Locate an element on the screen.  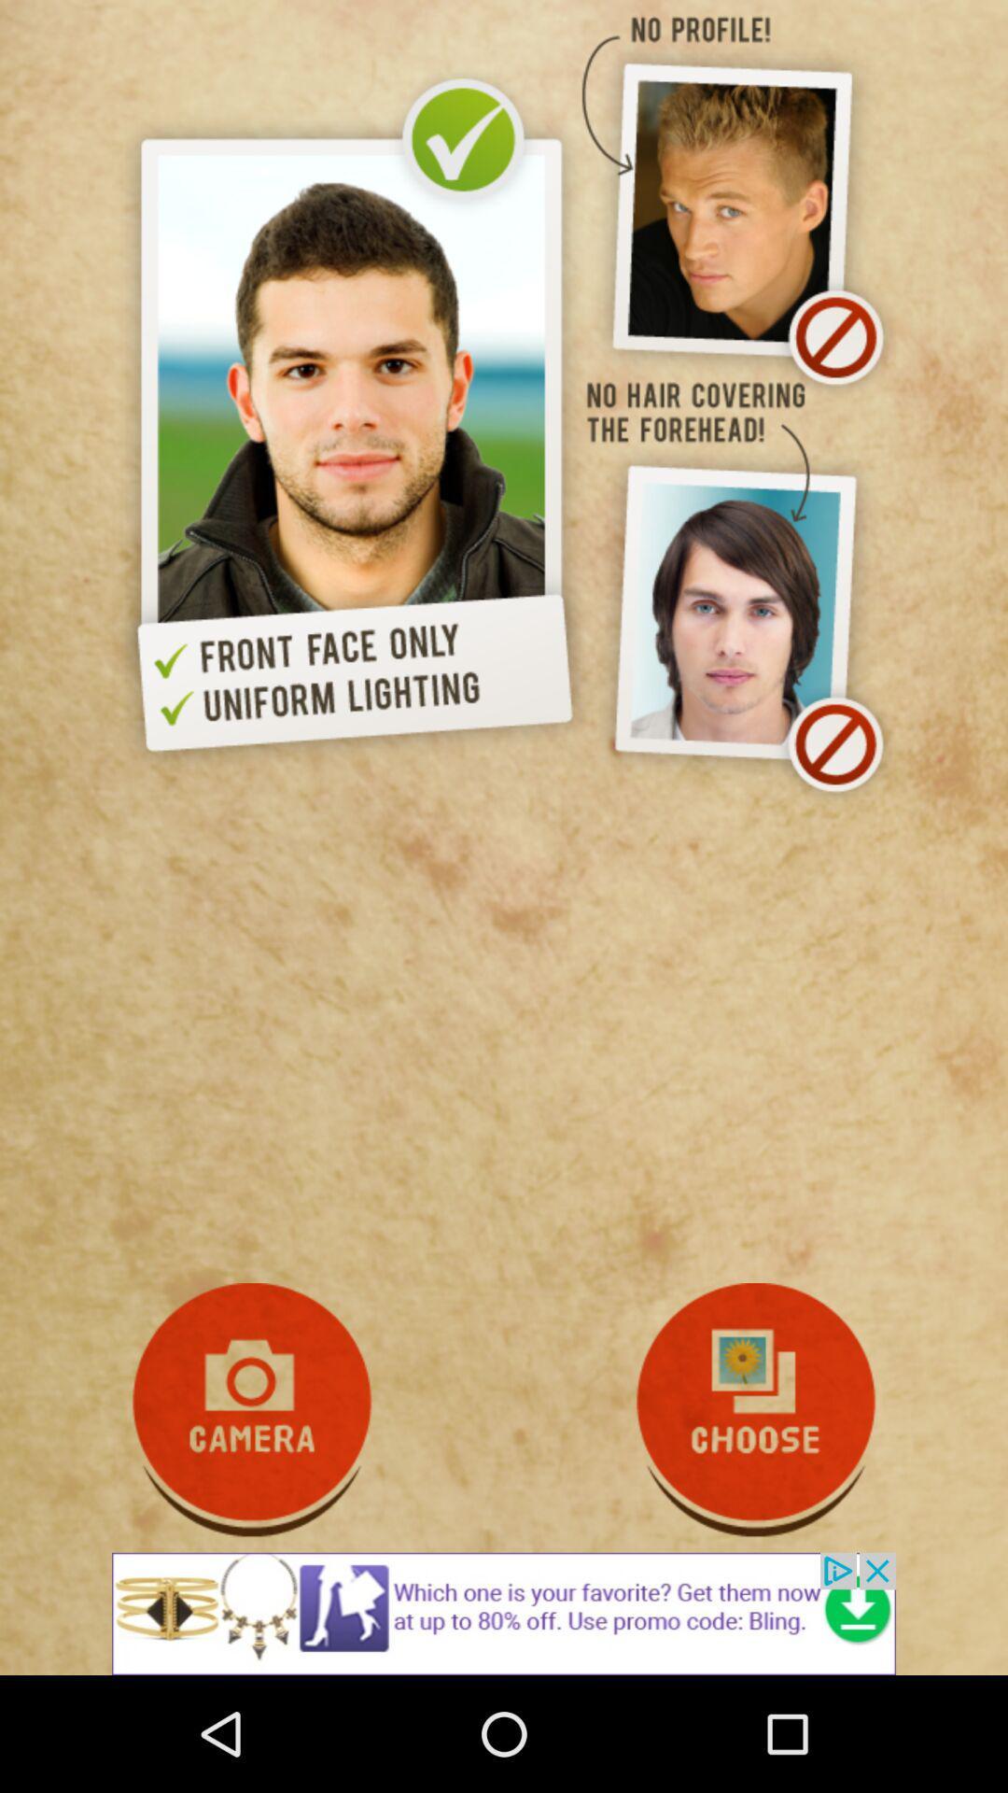
links to advertisement is located at coordinates (504, 1613).